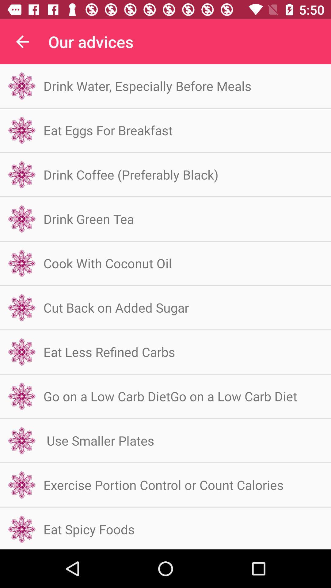 This screenshot has width=331, height=588. Describe the element at coordinates (147, 85) in the screenshot. I see `drink water especially` at that location.